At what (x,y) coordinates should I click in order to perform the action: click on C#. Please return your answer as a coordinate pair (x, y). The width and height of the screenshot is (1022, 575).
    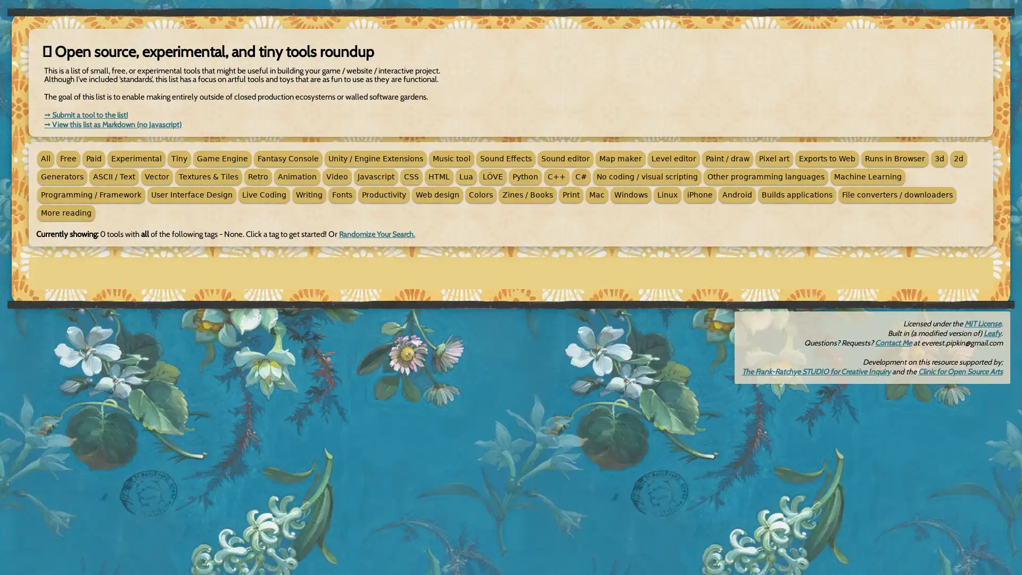
    Looking at the image, I should click on (580, 176).